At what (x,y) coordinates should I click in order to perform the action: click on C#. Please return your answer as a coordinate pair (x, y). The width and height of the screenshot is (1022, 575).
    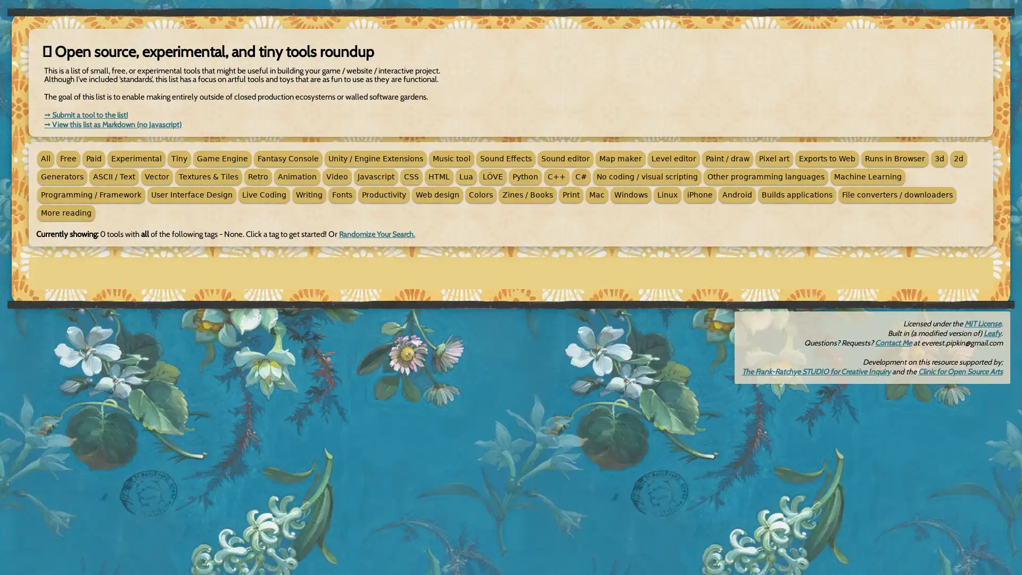
    Looking at the image, I should click on (580, 176).